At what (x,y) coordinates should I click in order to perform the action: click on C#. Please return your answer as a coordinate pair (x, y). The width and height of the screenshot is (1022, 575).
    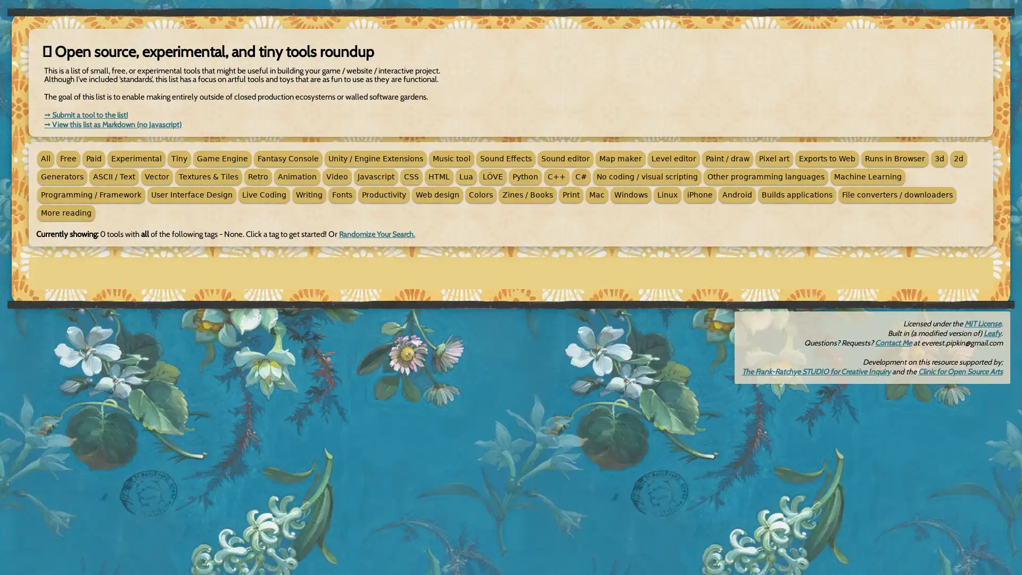
    Looking at the image, I should click on (580, 176).